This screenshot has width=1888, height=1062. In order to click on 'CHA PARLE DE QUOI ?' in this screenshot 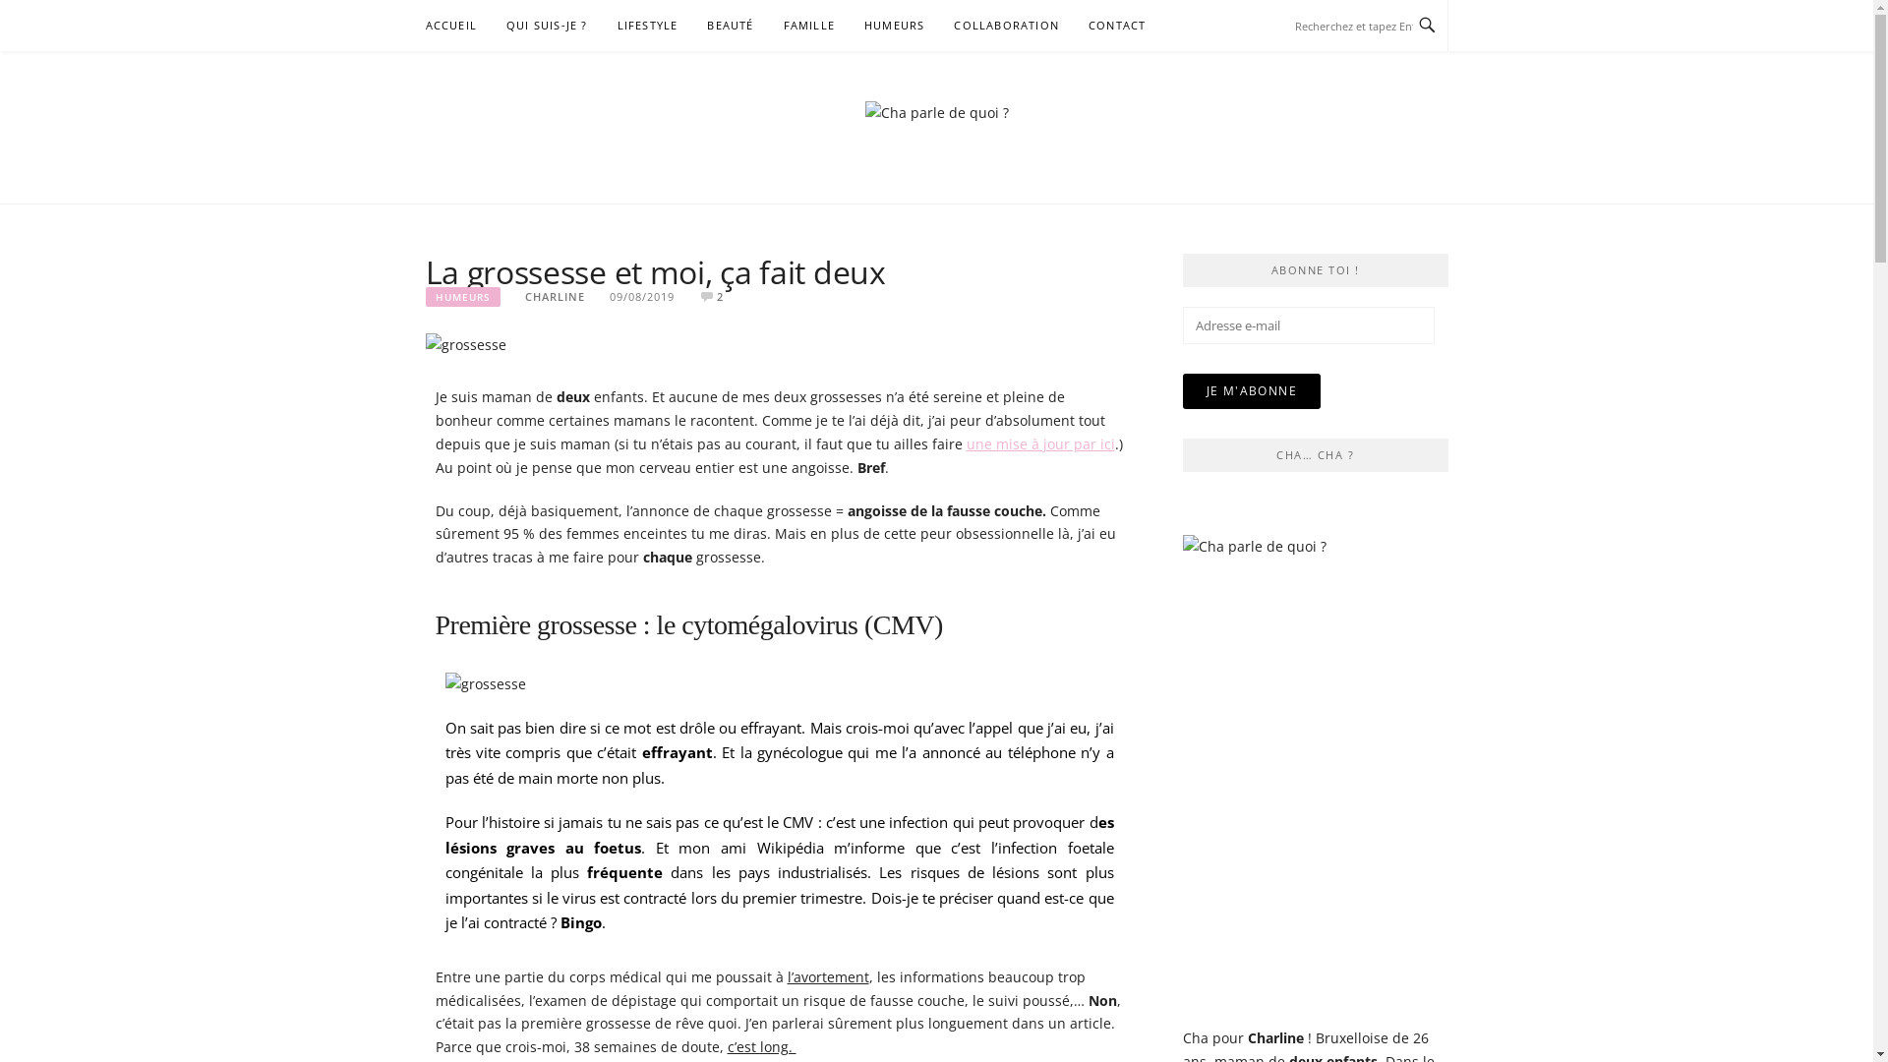, I will do `click(734, 183)`.